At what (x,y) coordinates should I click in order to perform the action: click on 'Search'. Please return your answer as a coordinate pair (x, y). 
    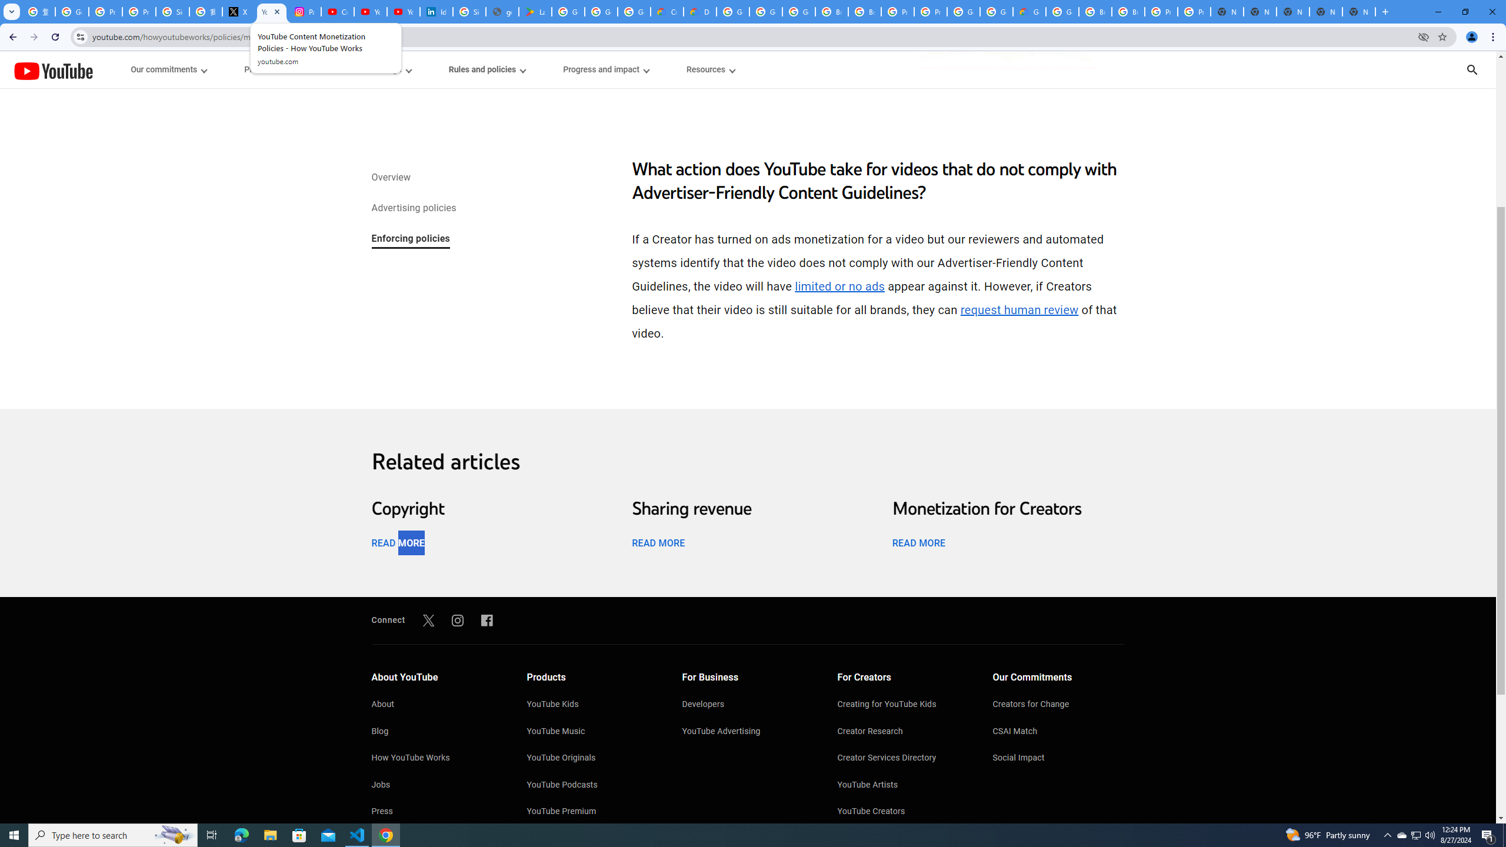
    Looking at the image, I should click on (1487, 69).